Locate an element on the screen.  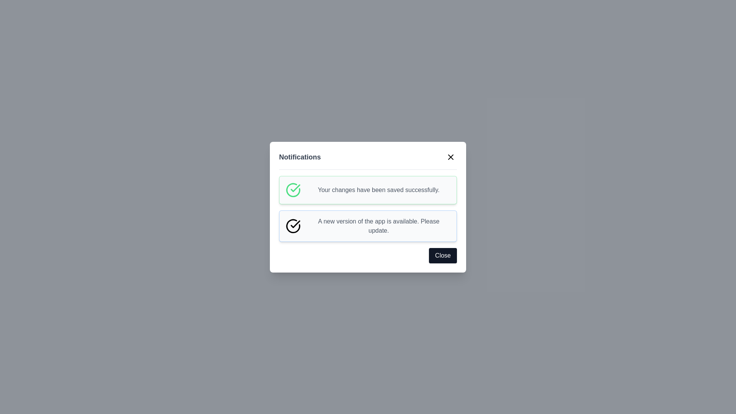
the black 'X' icon button located in the top-right corner of the notification panel is located at coordinates (451, 156).